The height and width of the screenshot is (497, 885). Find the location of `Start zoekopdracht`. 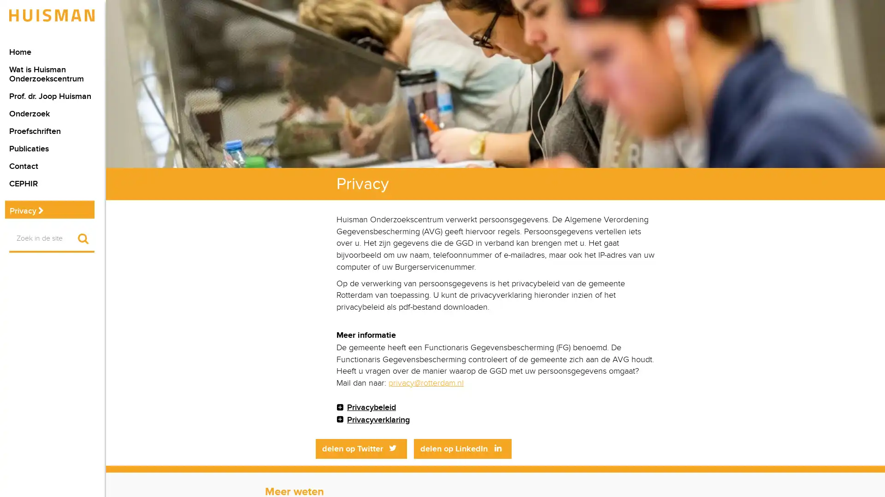

Start zoekopdracht is located at coordinates (83, 239).